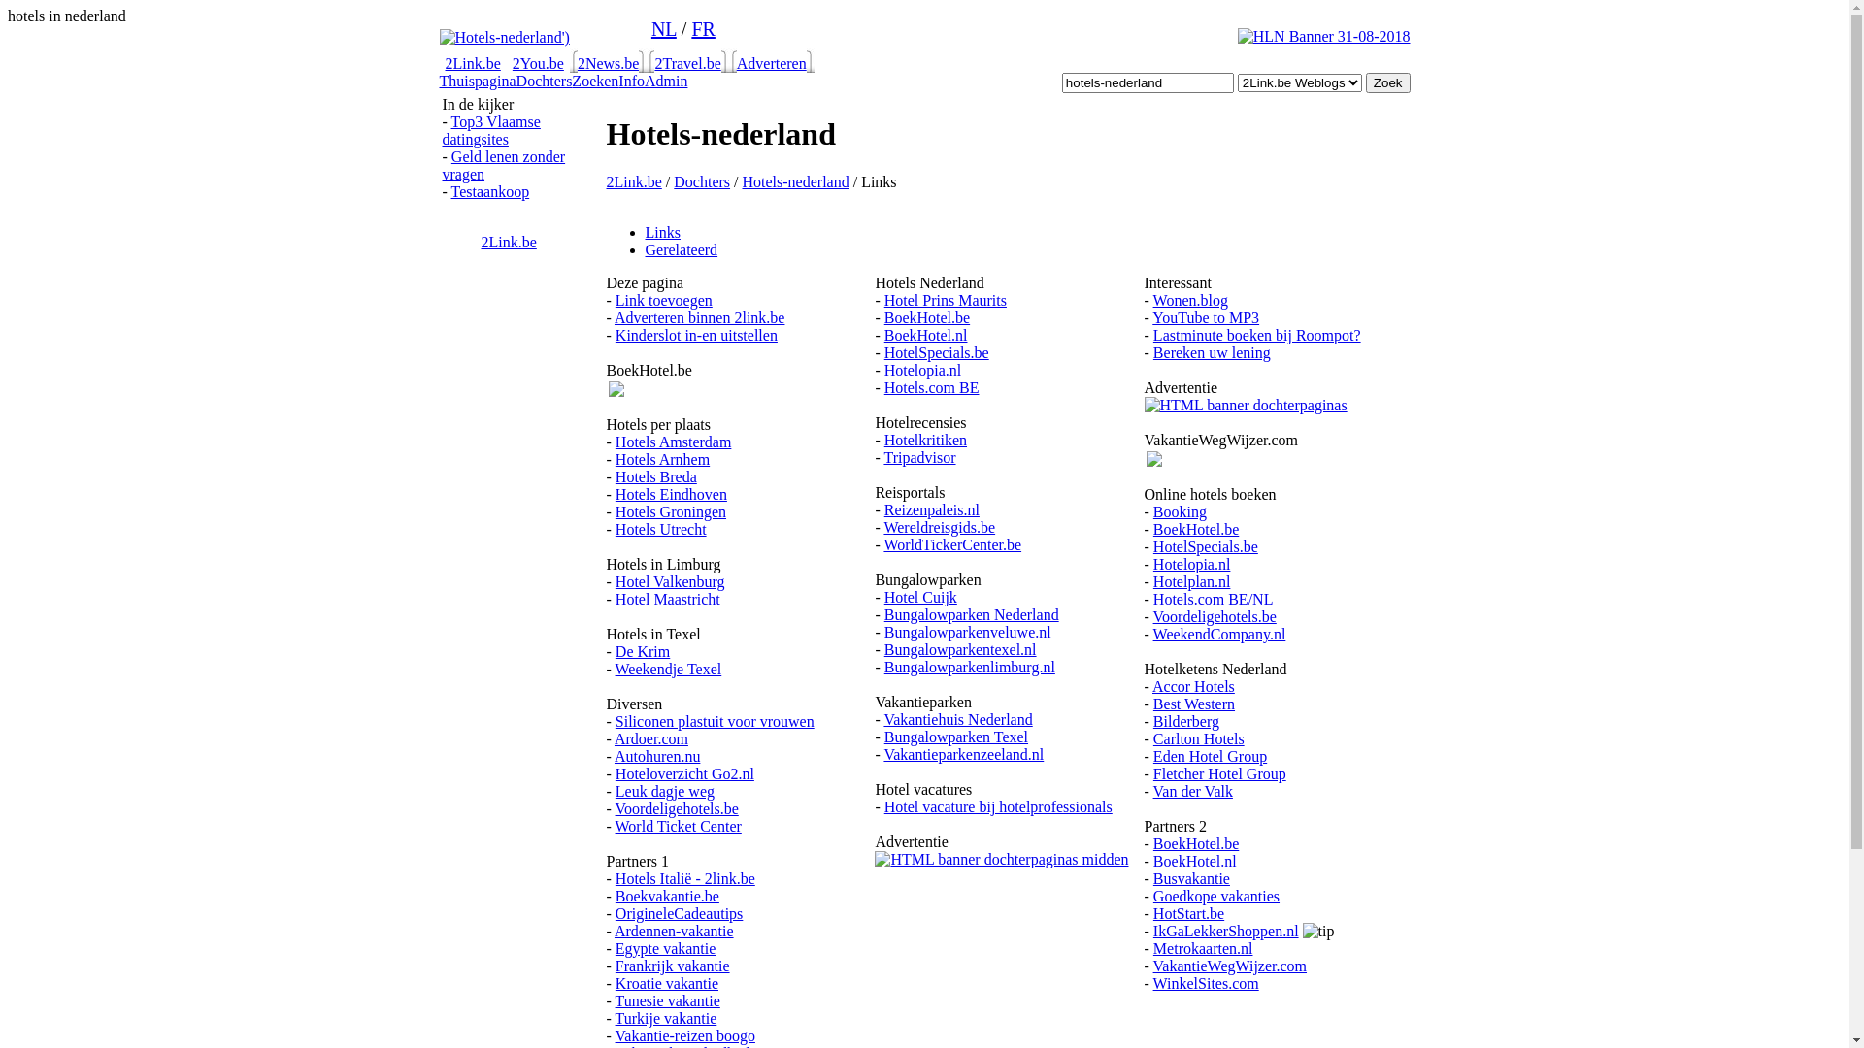  Describe the element at coordinates (653, 62) in the screenshot. I see `'2Travel.be'` at that location.